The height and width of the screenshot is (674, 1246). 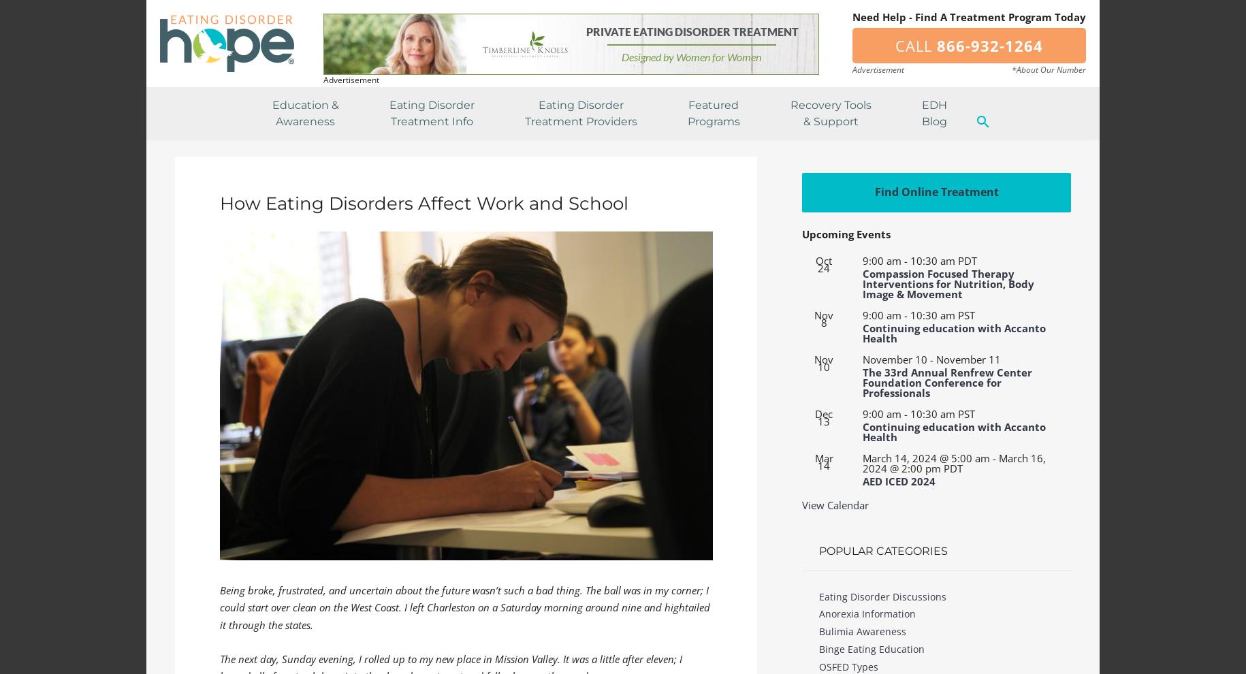 I want to click on 'November 11', so click(x=968, y=357).